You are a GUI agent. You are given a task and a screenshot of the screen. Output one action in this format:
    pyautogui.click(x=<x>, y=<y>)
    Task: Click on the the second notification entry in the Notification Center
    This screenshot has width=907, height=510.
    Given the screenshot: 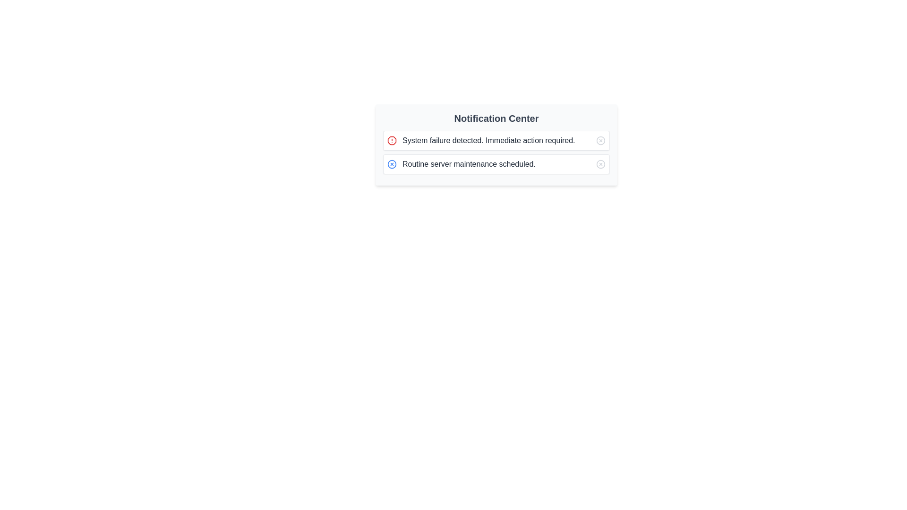 What is the action you would take?
    pyautogui.click(x=461, y=163)
    